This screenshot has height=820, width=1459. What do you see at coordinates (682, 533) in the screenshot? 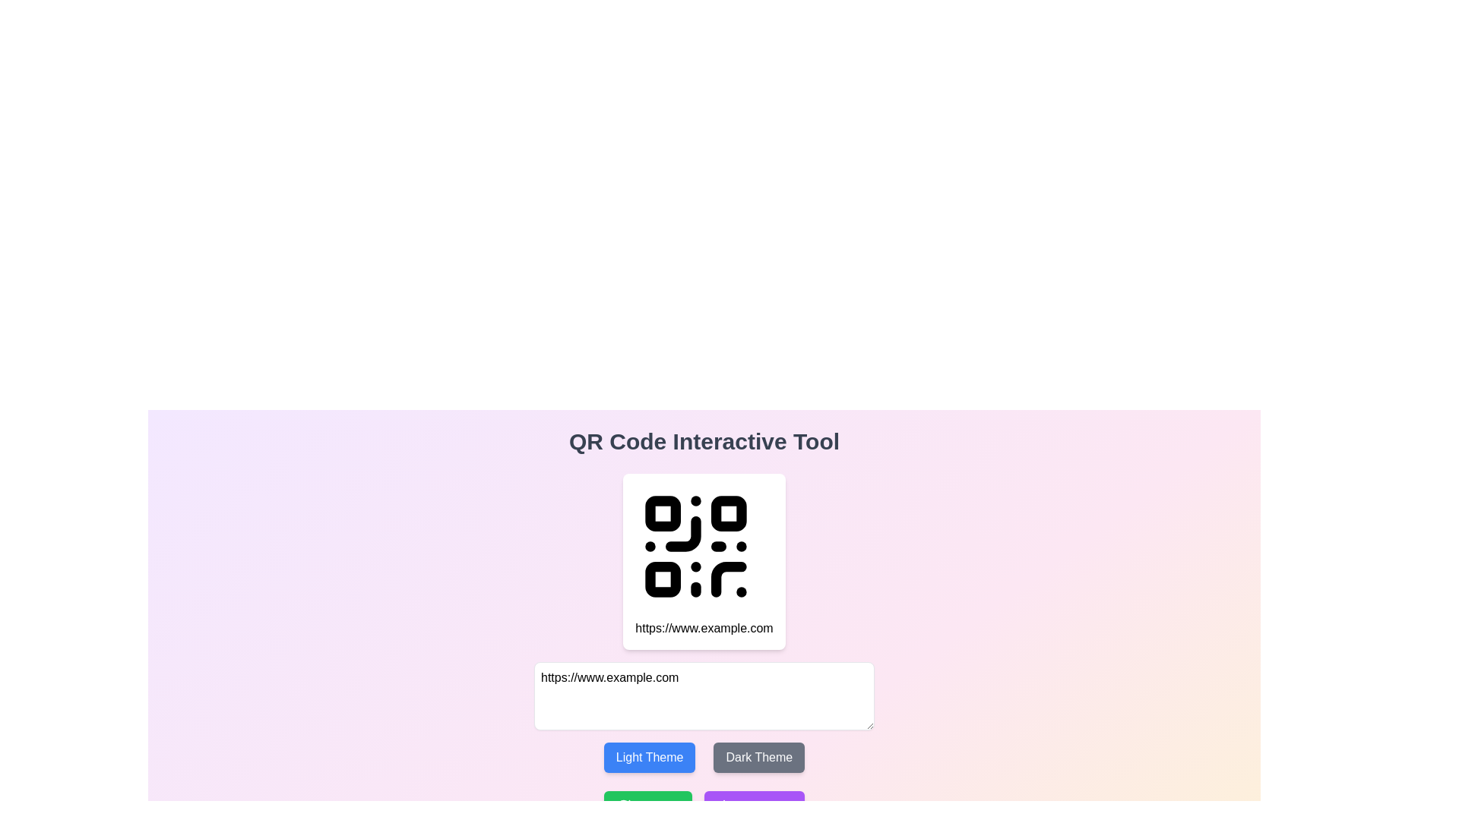
I see `the small curved line segment of the QR code design located towards the top-left corner of the QR code` at bounding box center [682, 533].